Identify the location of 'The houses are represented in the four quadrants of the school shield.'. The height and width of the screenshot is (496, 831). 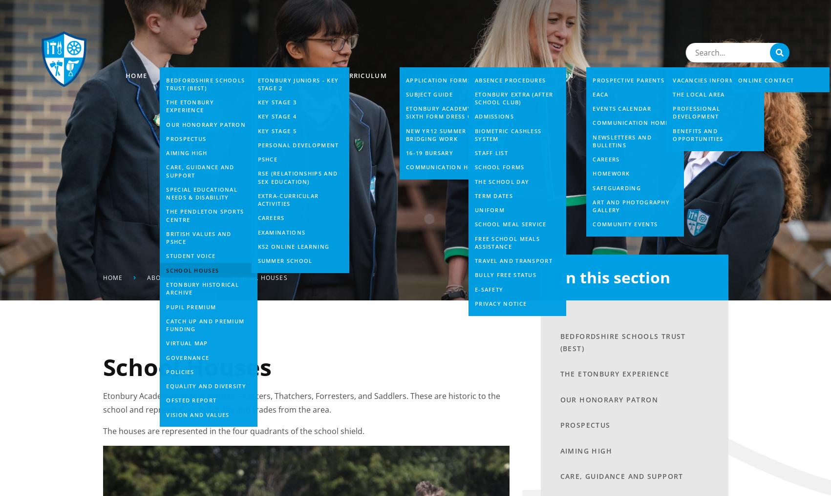
(233, 430).